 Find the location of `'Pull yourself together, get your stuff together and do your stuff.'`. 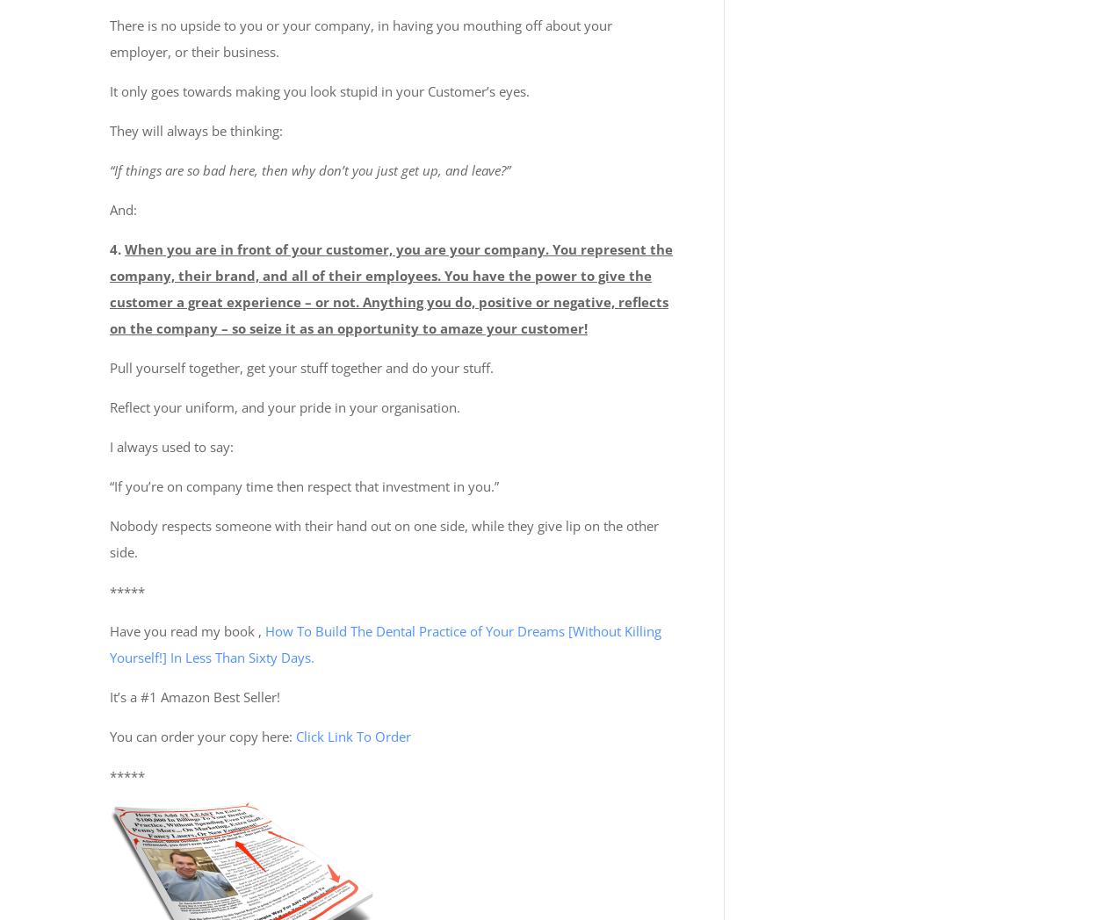

'Pull yourself together, get your stuff together and do your stuff.' is located at coordinates (300, 367).